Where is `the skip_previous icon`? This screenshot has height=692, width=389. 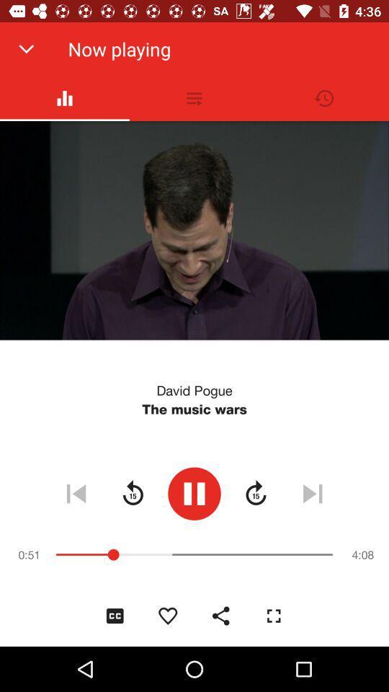 the skip_previous icon is located at coordinates (76, 493).